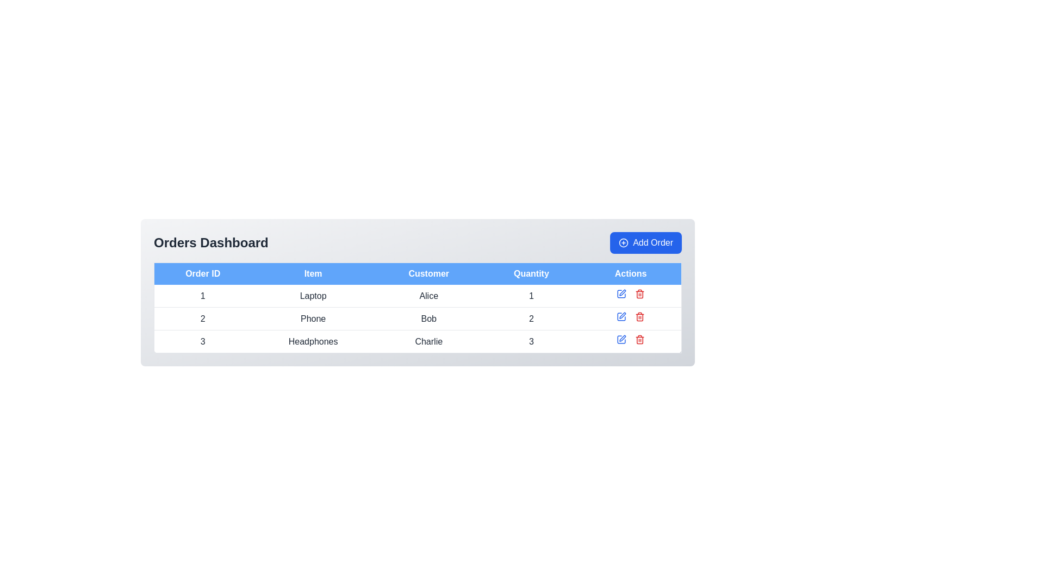  What do you see at coordinates (202, 296) in the screenshot?
I see `the Order ID cell located in the first row and first column of the table in the 'Orders Dashboard'` at bounding box center [202, 296].